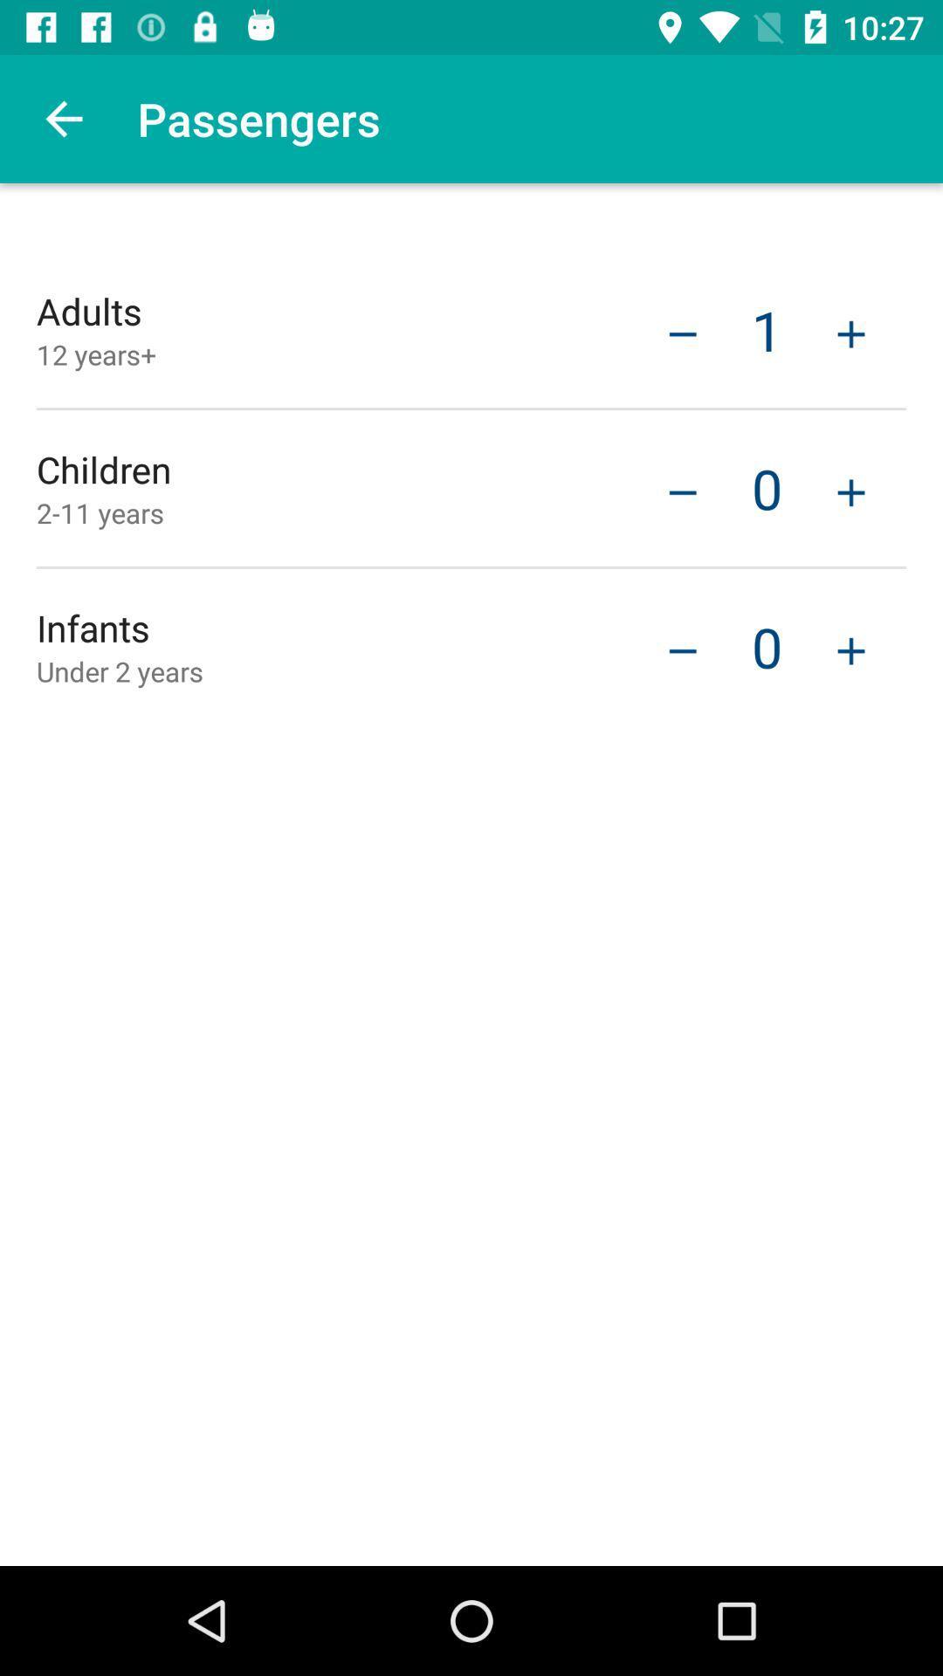  I want to click on item to the left of the 0, so click(682, 648).